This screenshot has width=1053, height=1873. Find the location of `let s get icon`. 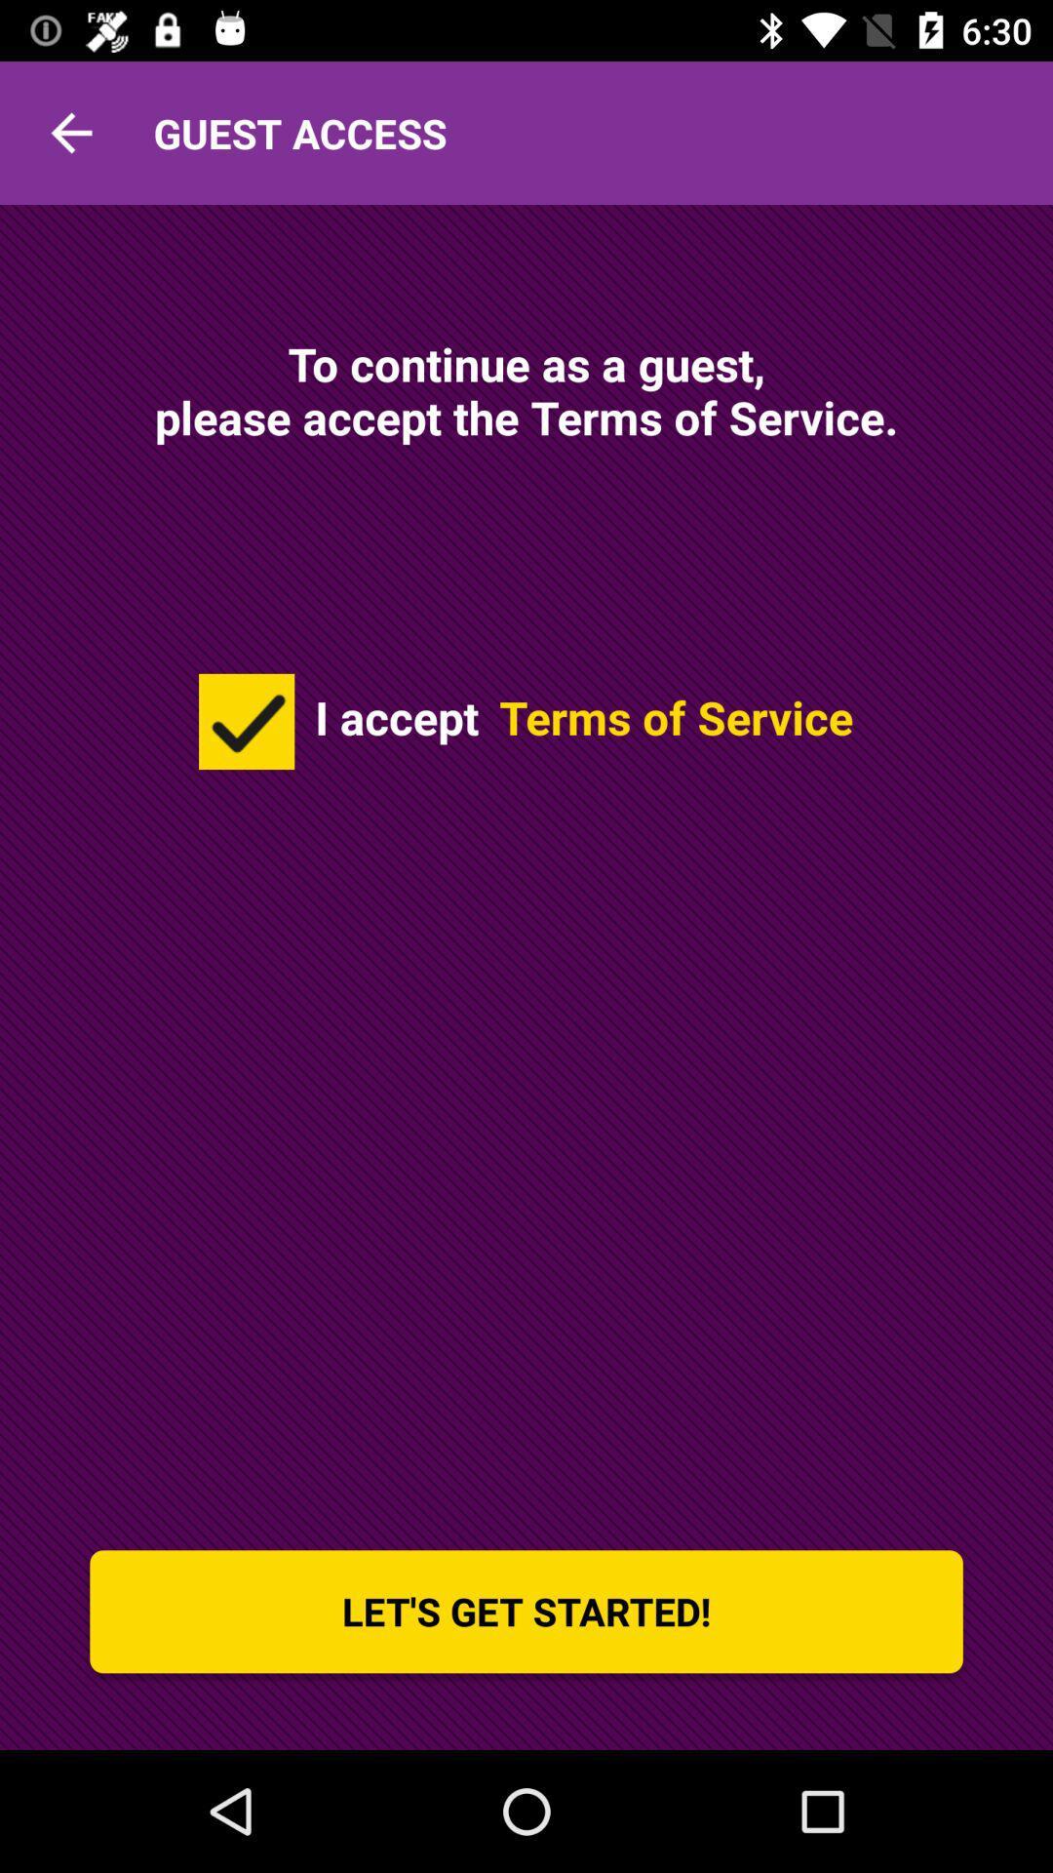

let s get icon is located at coordinates (526, 1612).